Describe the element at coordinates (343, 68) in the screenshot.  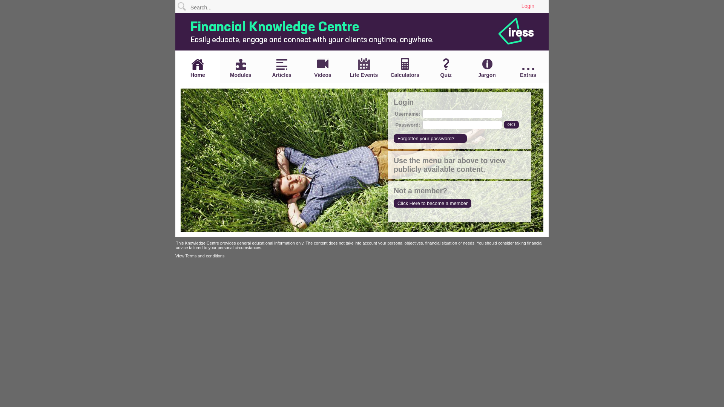
I see `'Life Events'` at that location.